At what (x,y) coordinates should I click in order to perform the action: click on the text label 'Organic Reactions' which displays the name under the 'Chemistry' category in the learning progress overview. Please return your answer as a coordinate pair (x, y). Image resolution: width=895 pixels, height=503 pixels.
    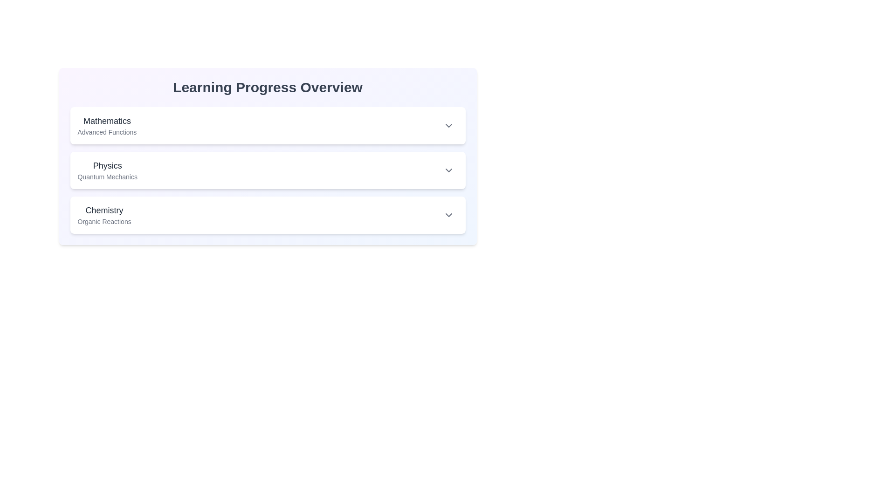
    Looking at the image, I should click on (104, 221).